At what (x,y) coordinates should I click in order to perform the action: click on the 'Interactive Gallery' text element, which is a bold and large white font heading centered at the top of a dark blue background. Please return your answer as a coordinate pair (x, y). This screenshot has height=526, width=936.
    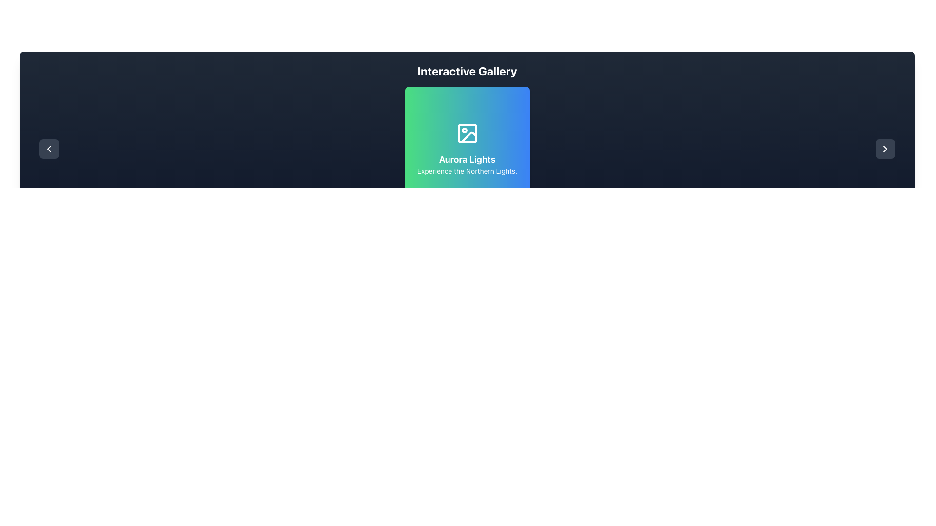
    Looking at the image, I should click on (467, 71).